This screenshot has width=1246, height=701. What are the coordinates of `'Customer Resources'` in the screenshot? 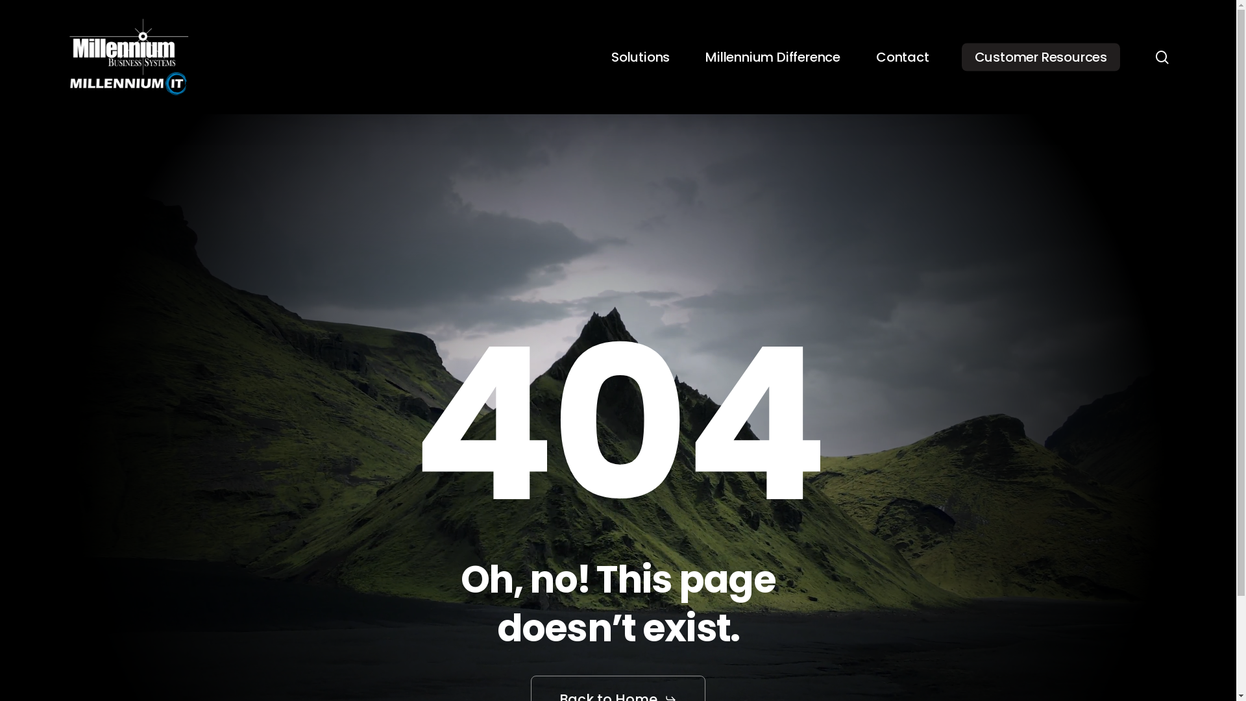 It's located at (962, 56).